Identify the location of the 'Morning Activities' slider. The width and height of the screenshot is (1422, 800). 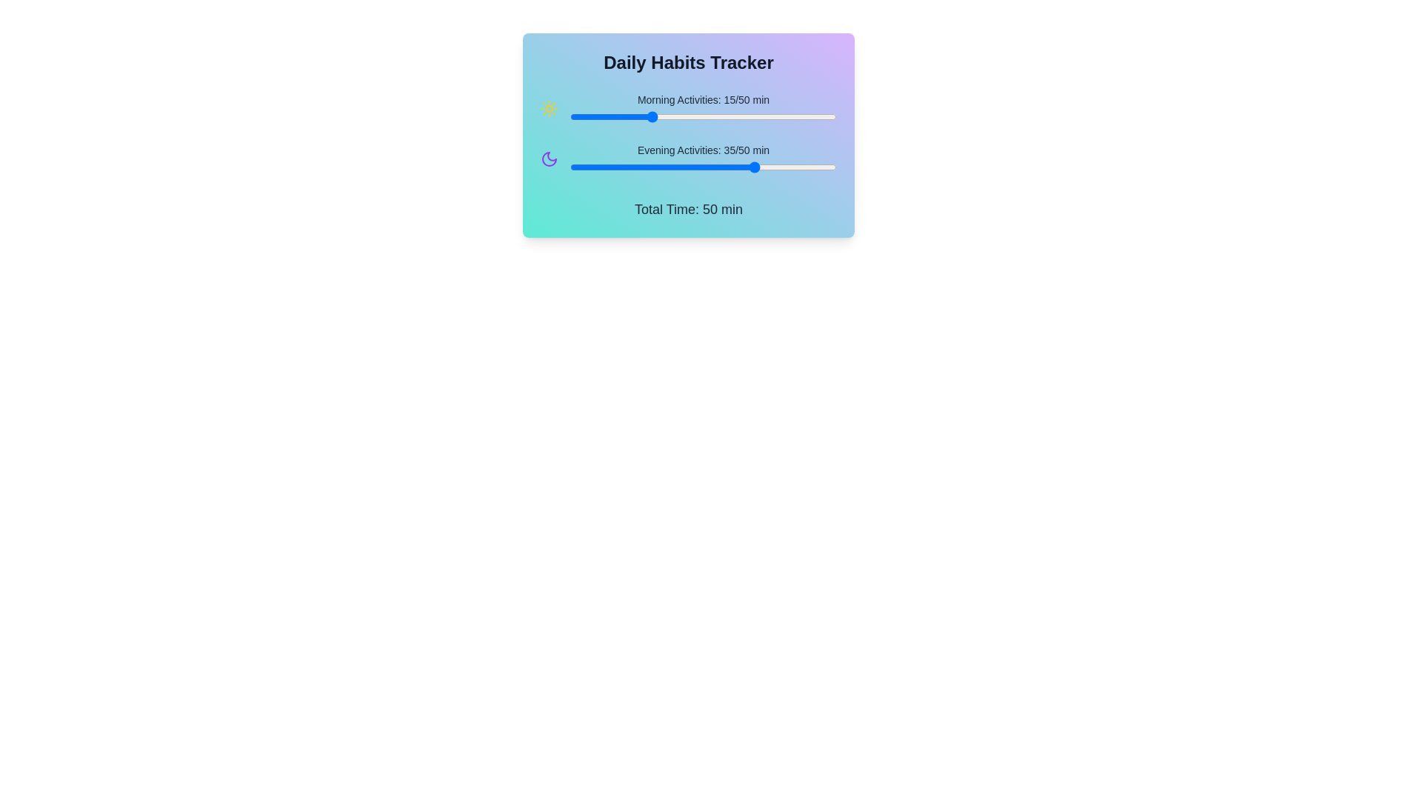
(697, 116).